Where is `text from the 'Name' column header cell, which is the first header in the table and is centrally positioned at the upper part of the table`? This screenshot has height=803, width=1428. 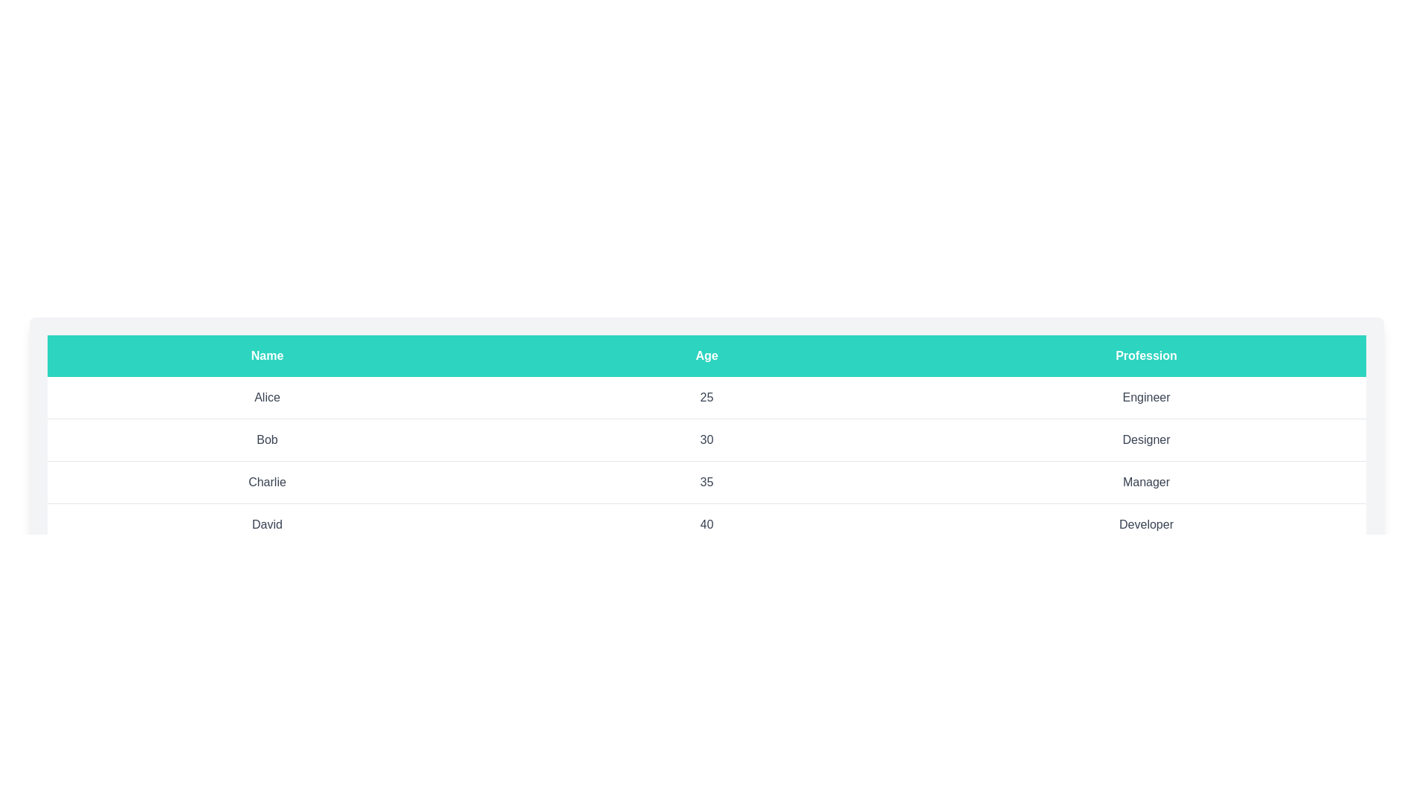
text from the 'Name' column header cell, which is the first header in the table and is centrally positioned at the upper part of the table is located at coordinates (267, 355).